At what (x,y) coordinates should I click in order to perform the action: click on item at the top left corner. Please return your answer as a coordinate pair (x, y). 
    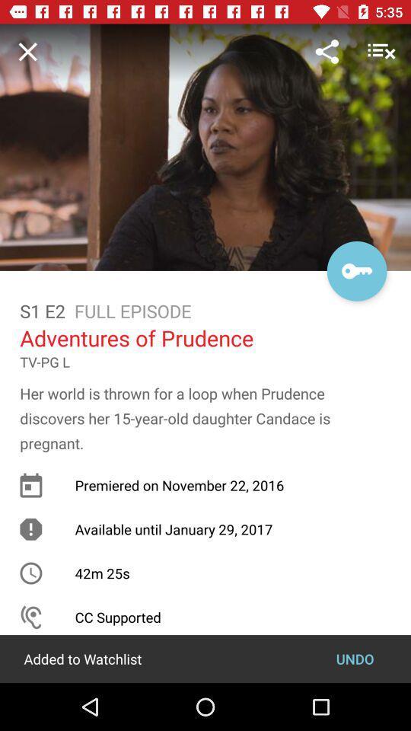
    Looking at the image, I should click on (27, 51).